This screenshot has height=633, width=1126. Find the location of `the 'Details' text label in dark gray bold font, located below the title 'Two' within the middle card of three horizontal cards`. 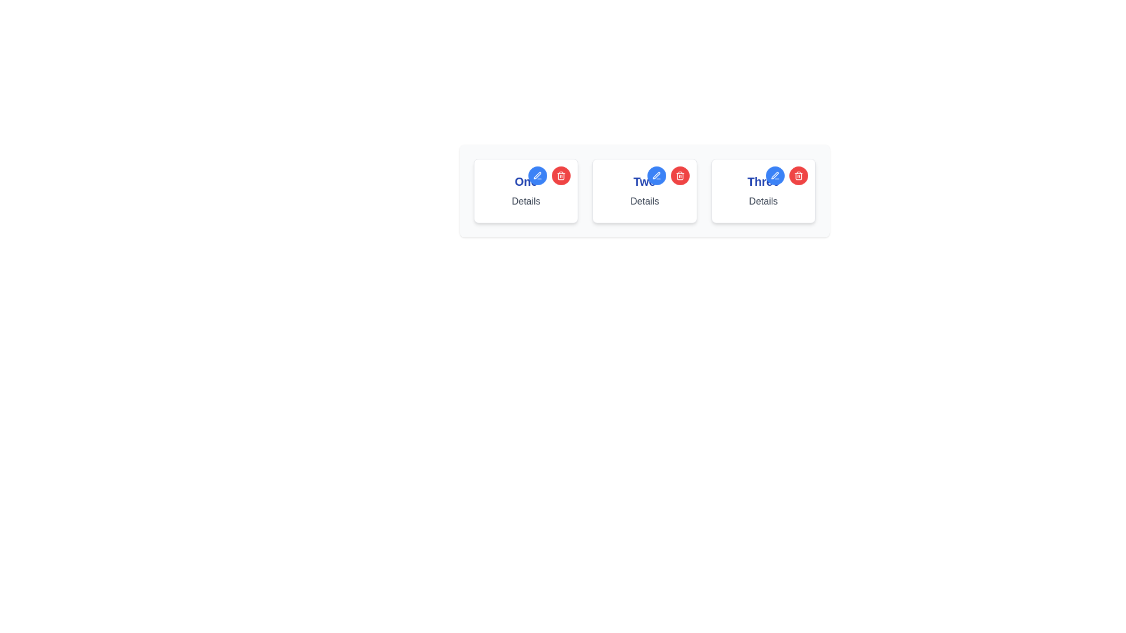

the 'Details' text label in dark gray bold font, located below the title 'Two' within the middle card of three horizontal cards is located at coordinates (644, 200).